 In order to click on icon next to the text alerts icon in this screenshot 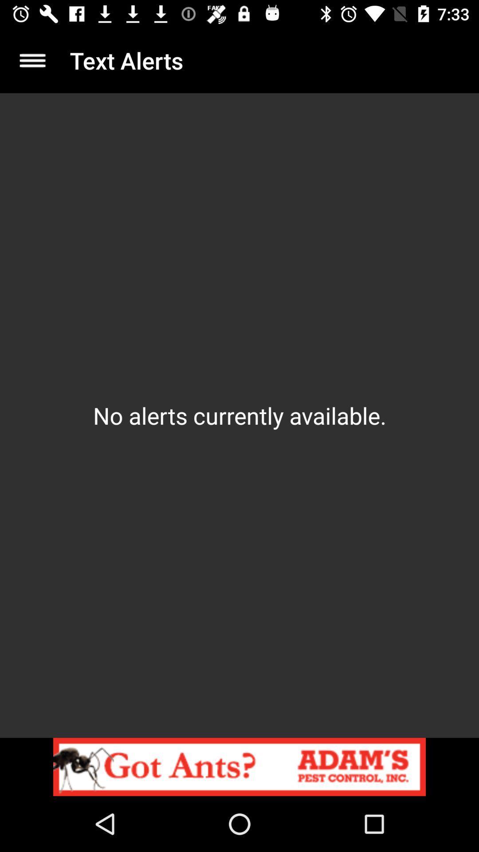, I will do `click(32, 60)`.